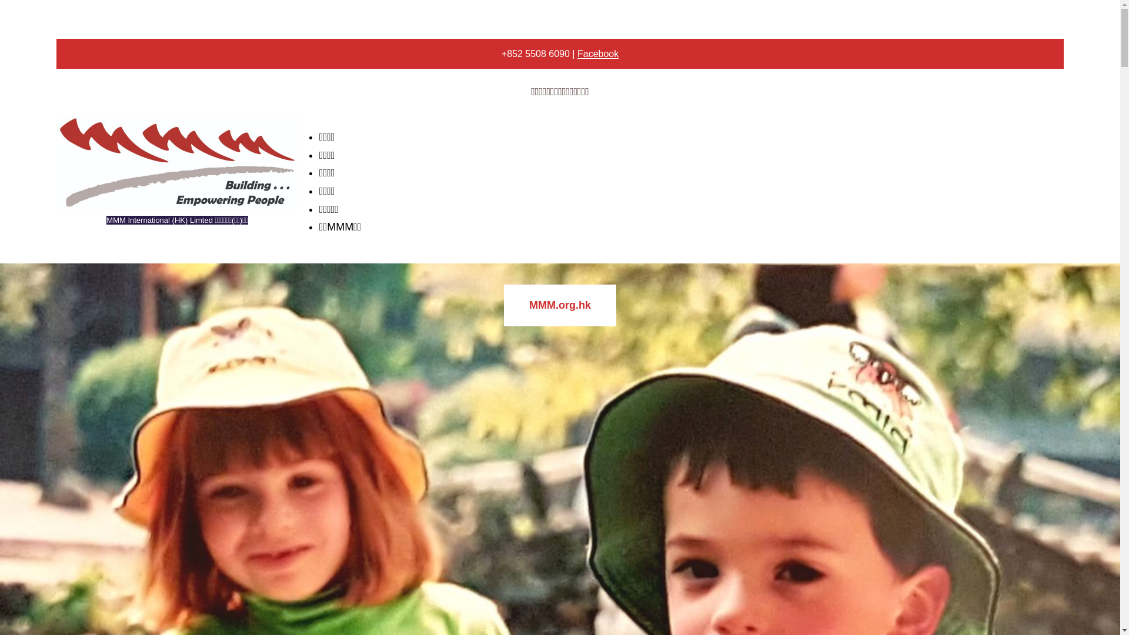 The image size is (1129, 635). Describe the element at coordinates (598, 54) in the screenshot. I see `'Facebook'` at that location.